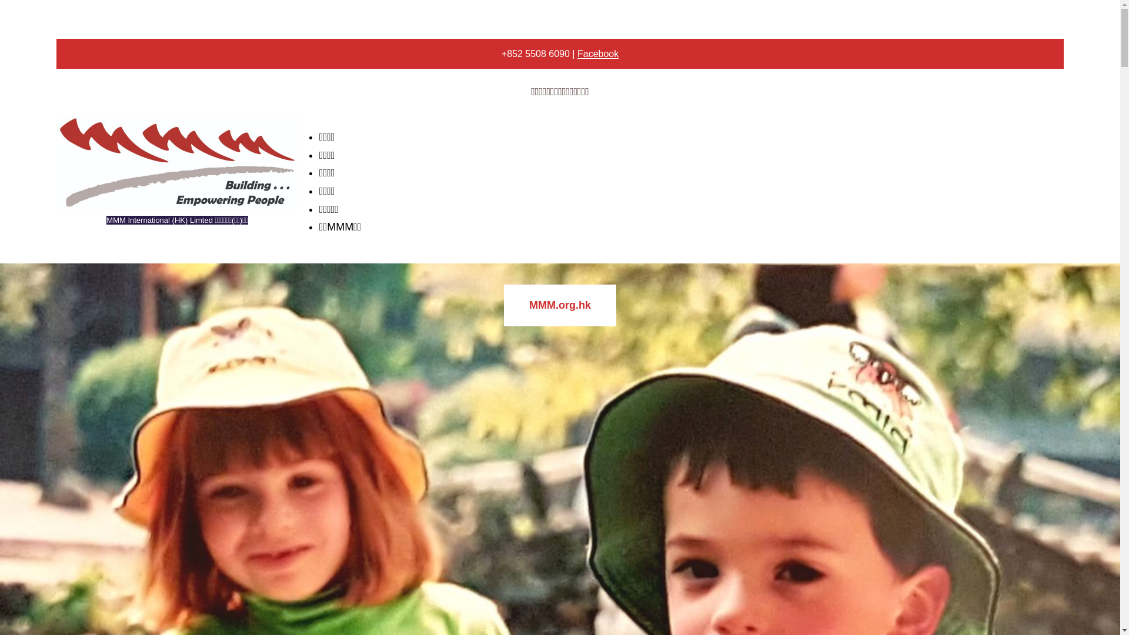 The image size is (1129, 635). Describe the element at coordinates (598, 54) in the screenshot. I see `'Facebook'` at that location.